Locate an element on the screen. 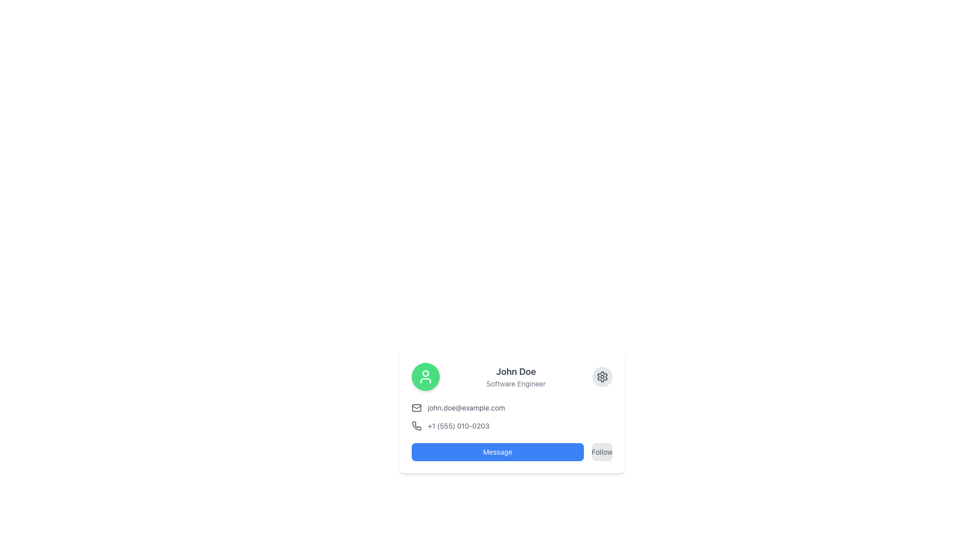 Image resolution: width=964 pixels, height=542 pixels. the user's email address displayed in the contact information card, which is positioned slightly below the center of the interface and to the right of the user avatar is located at coordinates (512, 408).